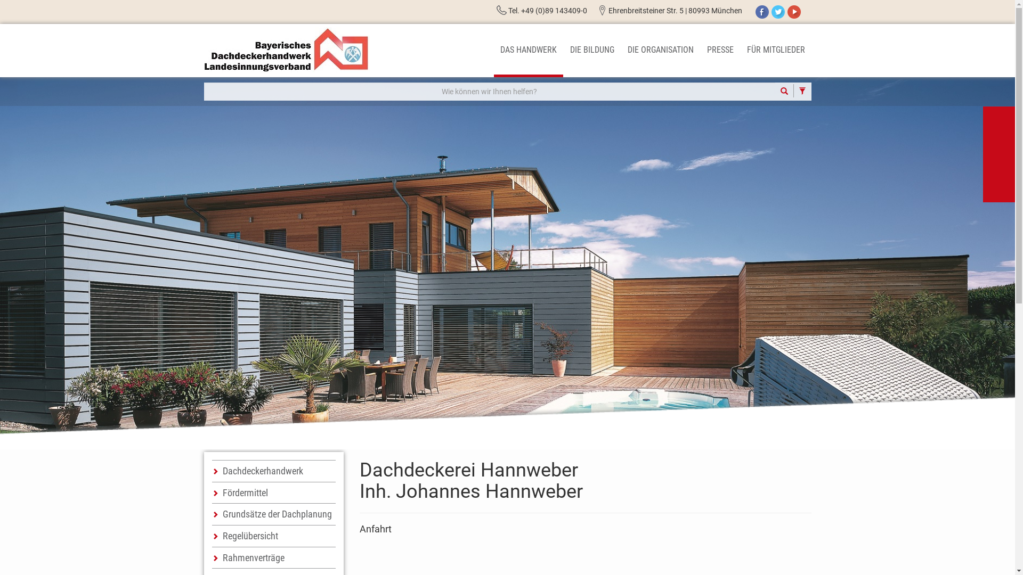  Describe the element at coordinates (794, 12) in the screenshot. I see `'Youtube'` at that location.